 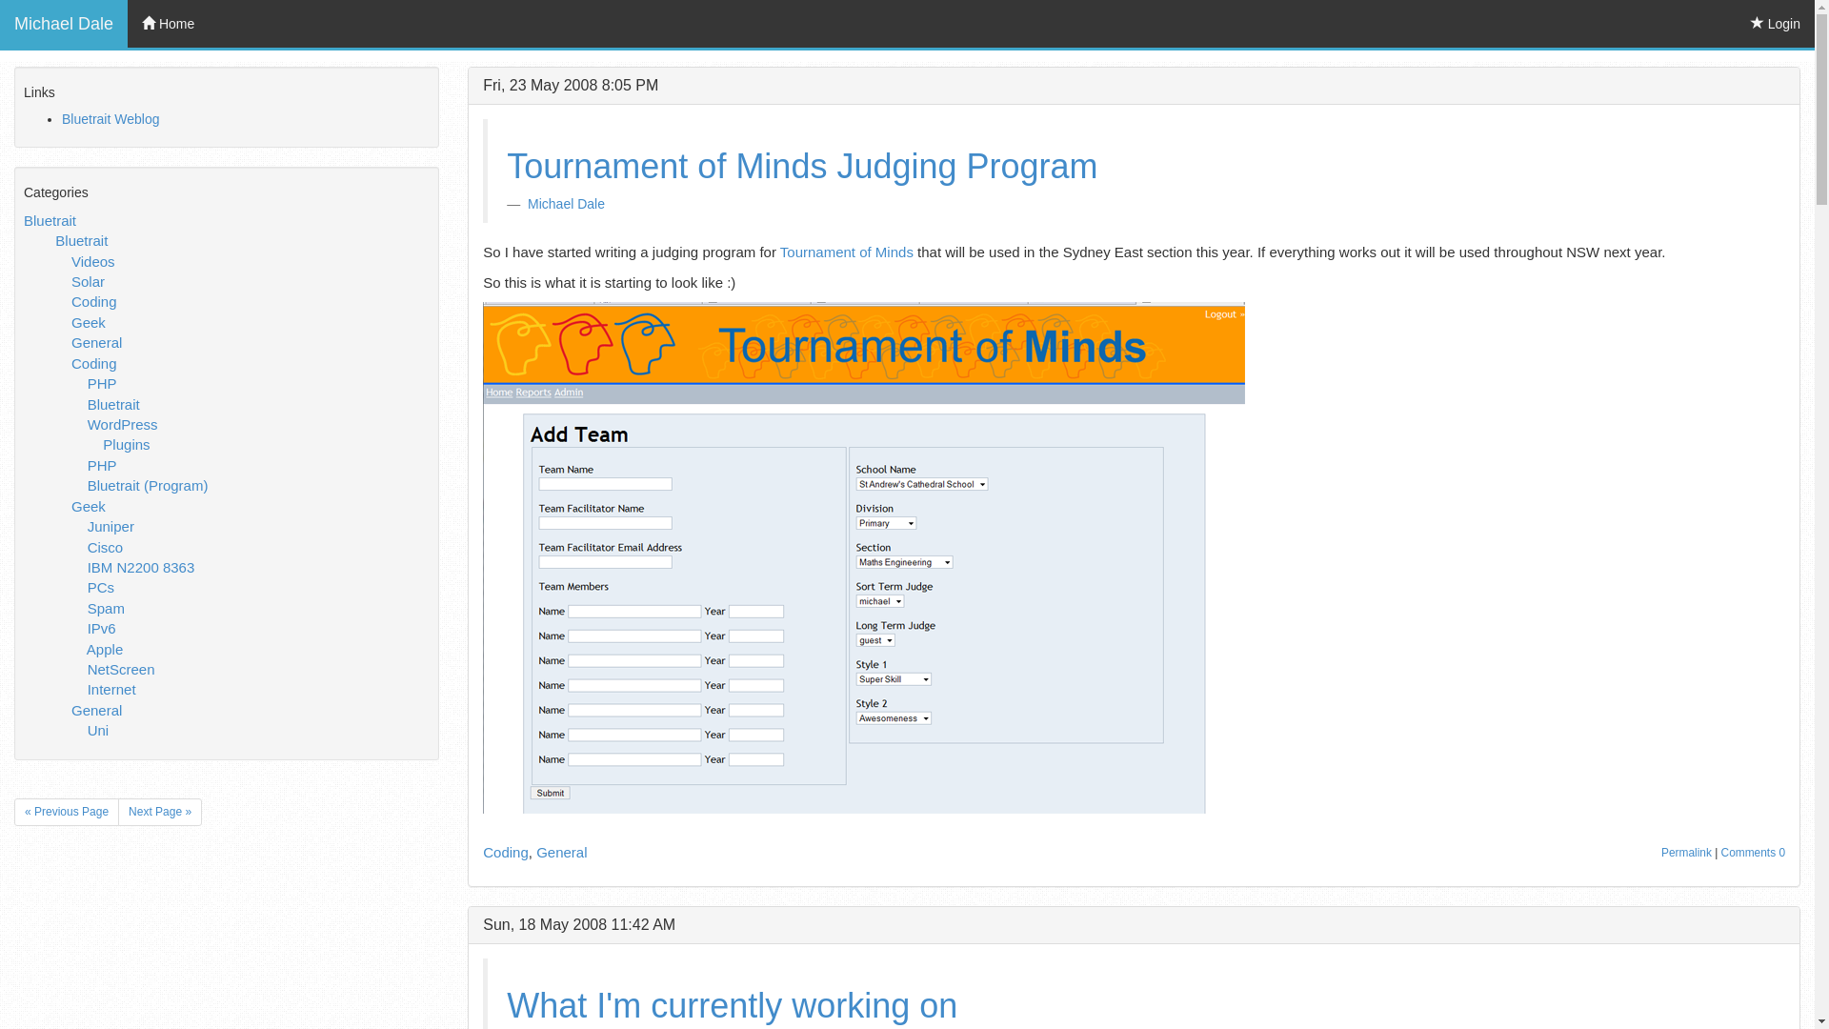 I want to click on 'Solar', so click(x=71, y=281).